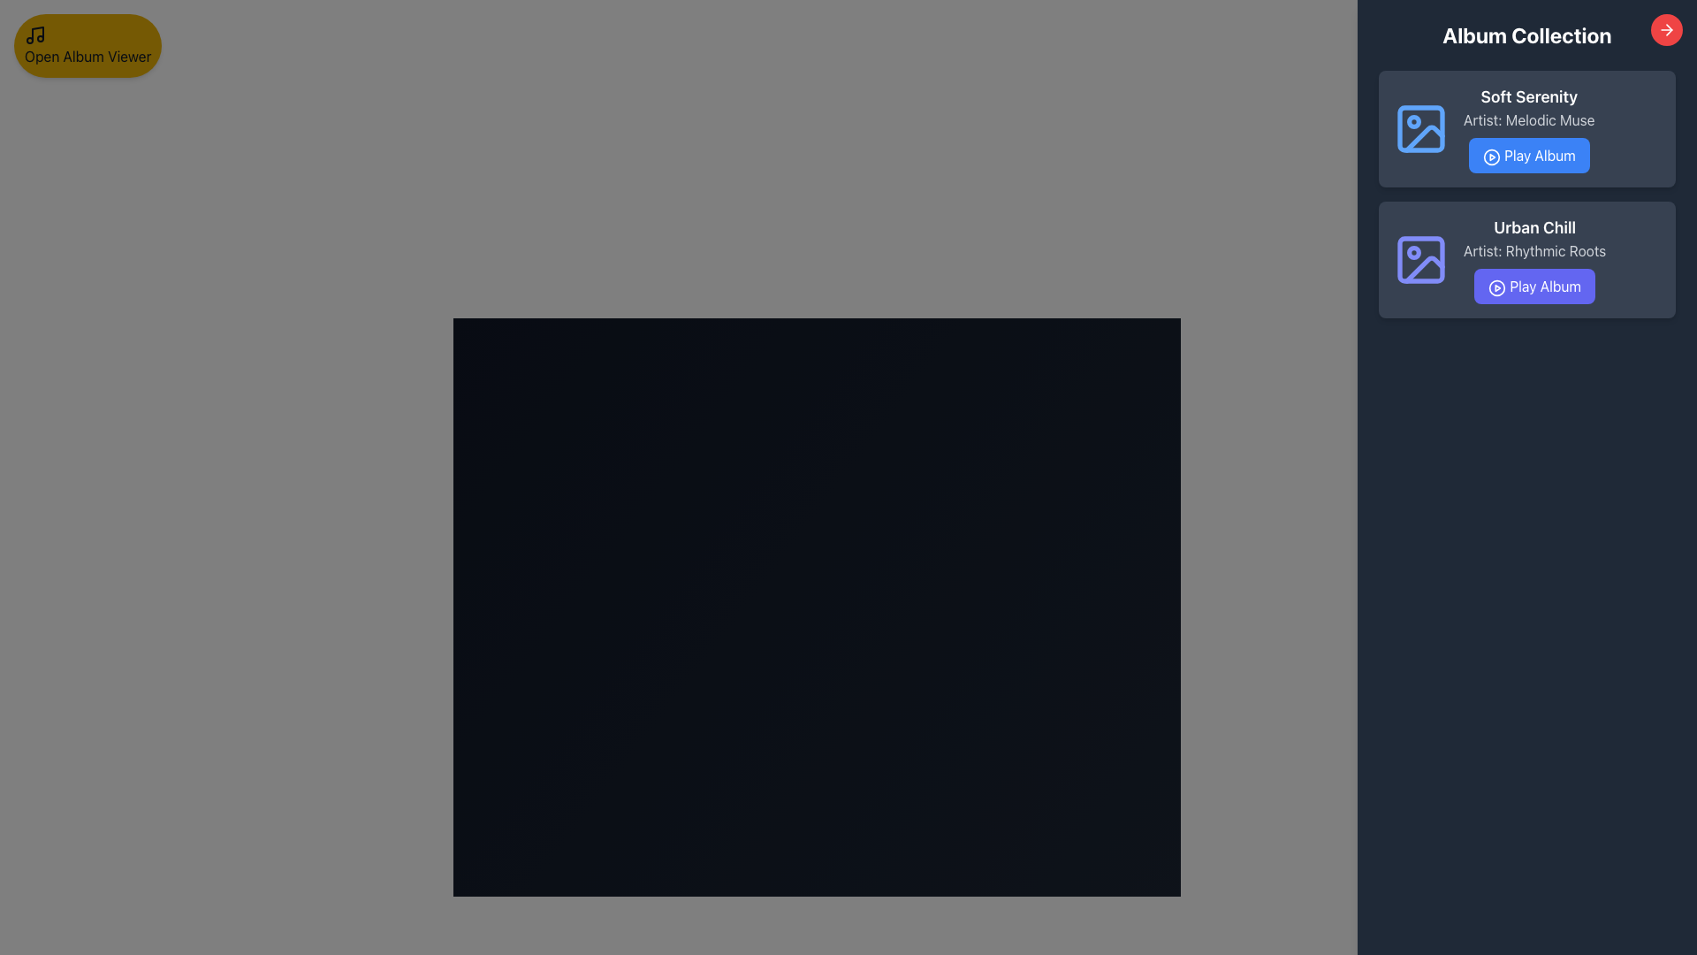  What do you see at coordinates (1496, 286) in the screenshot?
I see `the circular play icon inside the 'Play Album' button for the album 'Urban Chill', located in the second album card on the right side of the interface` at bounding box center [1496, 286].